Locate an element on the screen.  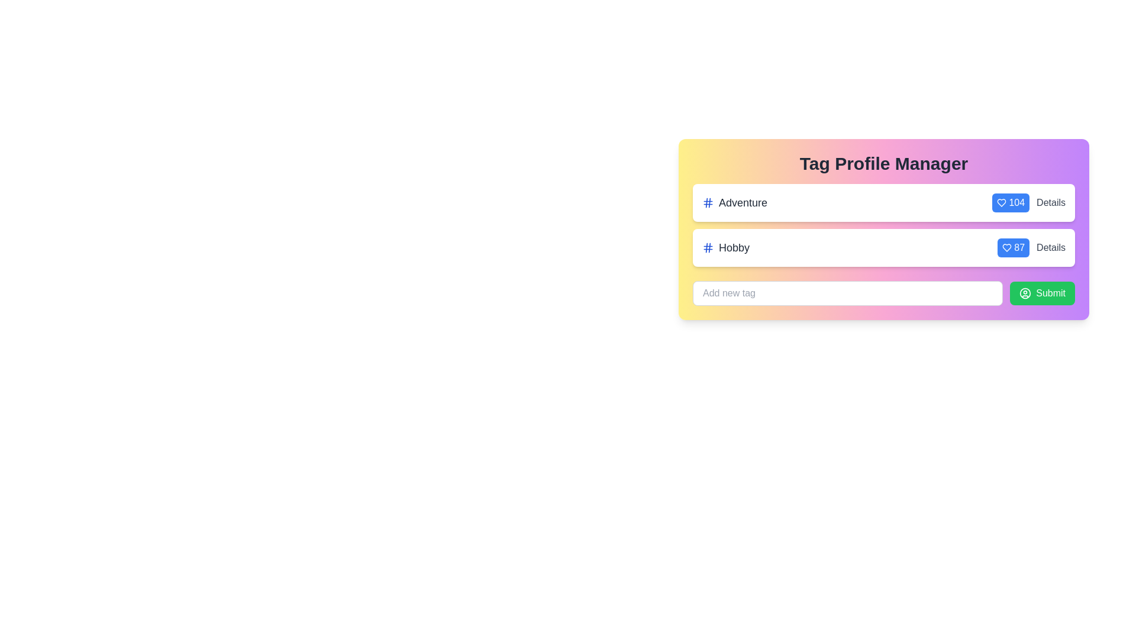
the Icon that represents the tag category, located to the immediate left of the text 'Hobby' in the second row of the vertical list under 'Tag Profile Manager' is located at coordinates (708, 247).